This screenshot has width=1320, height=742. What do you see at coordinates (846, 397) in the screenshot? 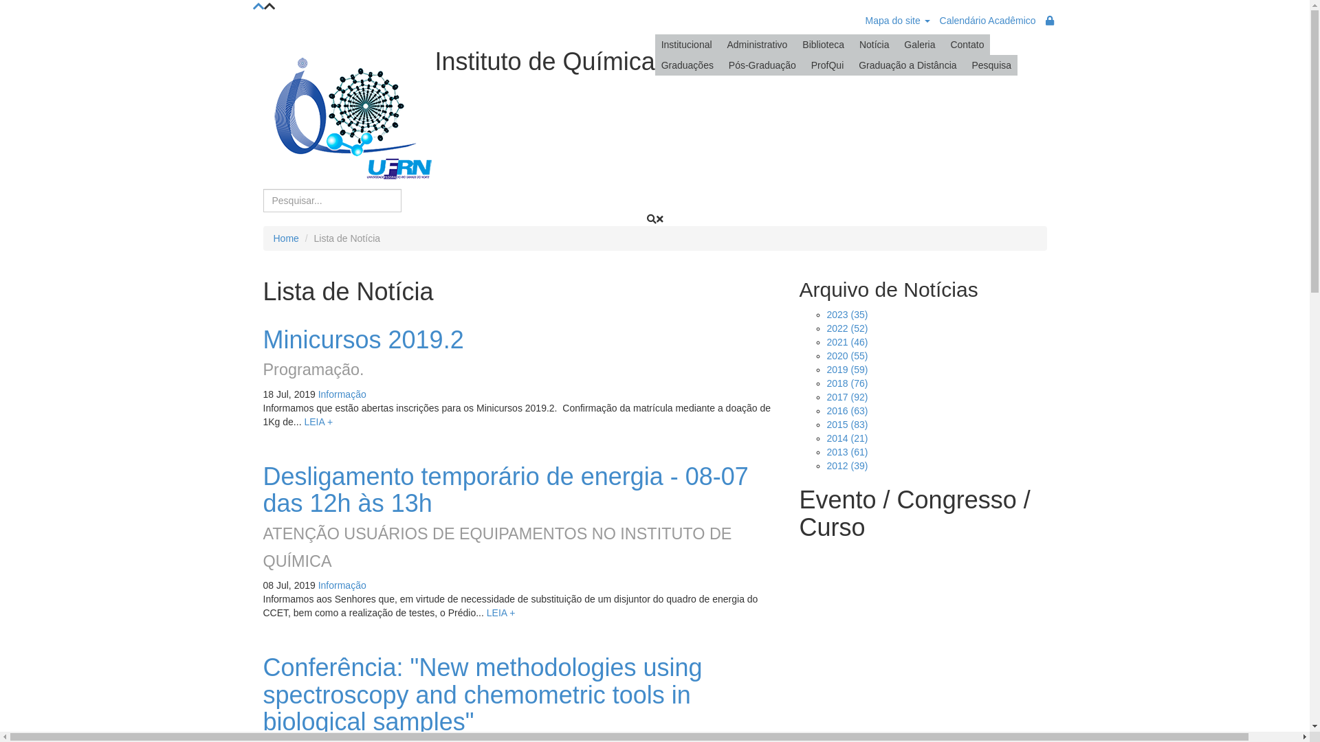
I see `'2017 (92)'` at bounding box center [846, 397].